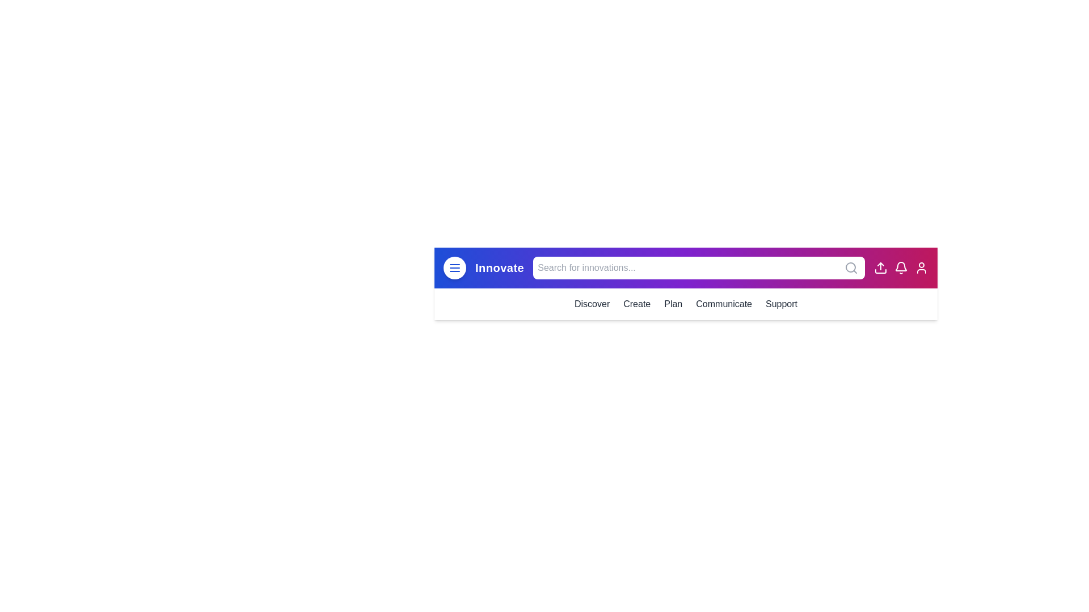 The image size is (1089, 612). I want to click on the menu item Discover, so click(592, 303).